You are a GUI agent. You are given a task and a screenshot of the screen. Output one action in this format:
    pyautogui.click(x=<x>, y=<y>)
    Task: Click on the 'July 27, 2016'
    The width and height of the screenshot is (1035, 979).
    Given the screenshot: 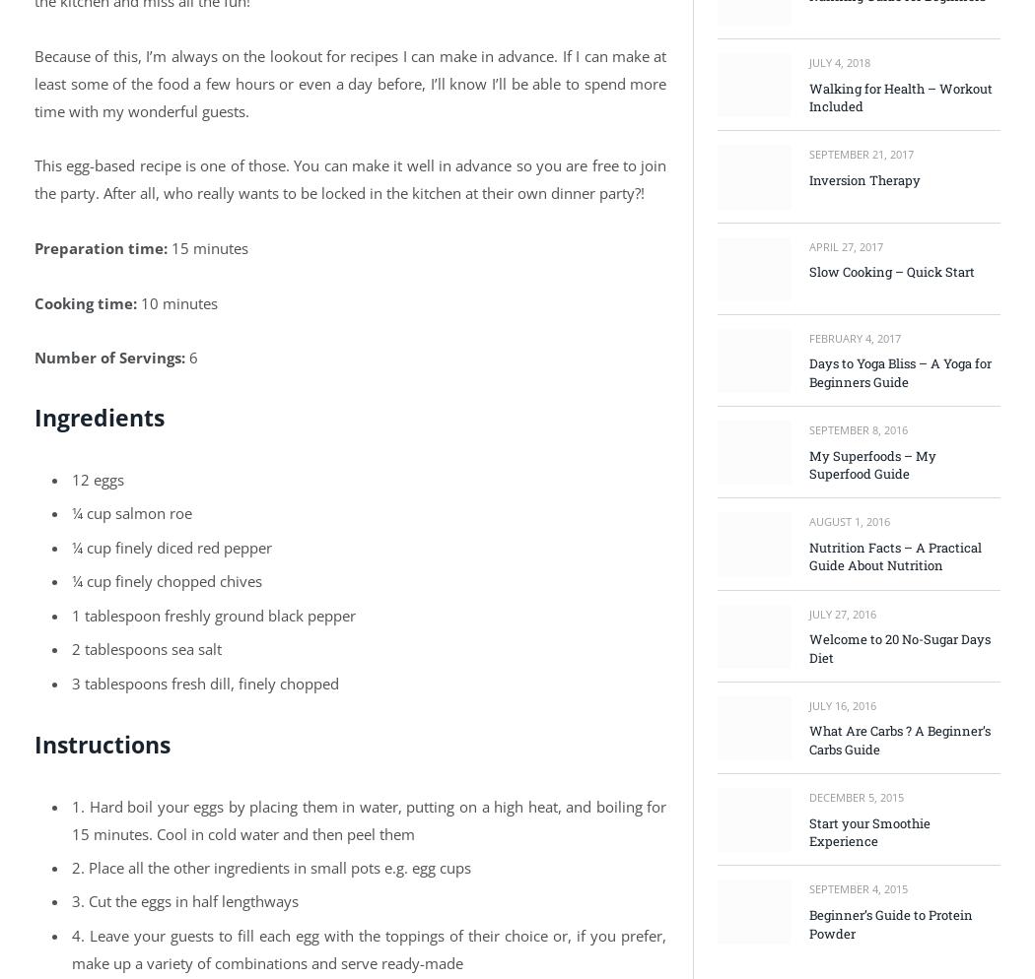 What is the action you would take?
    pyautogui.click(x=843, y=612)
    